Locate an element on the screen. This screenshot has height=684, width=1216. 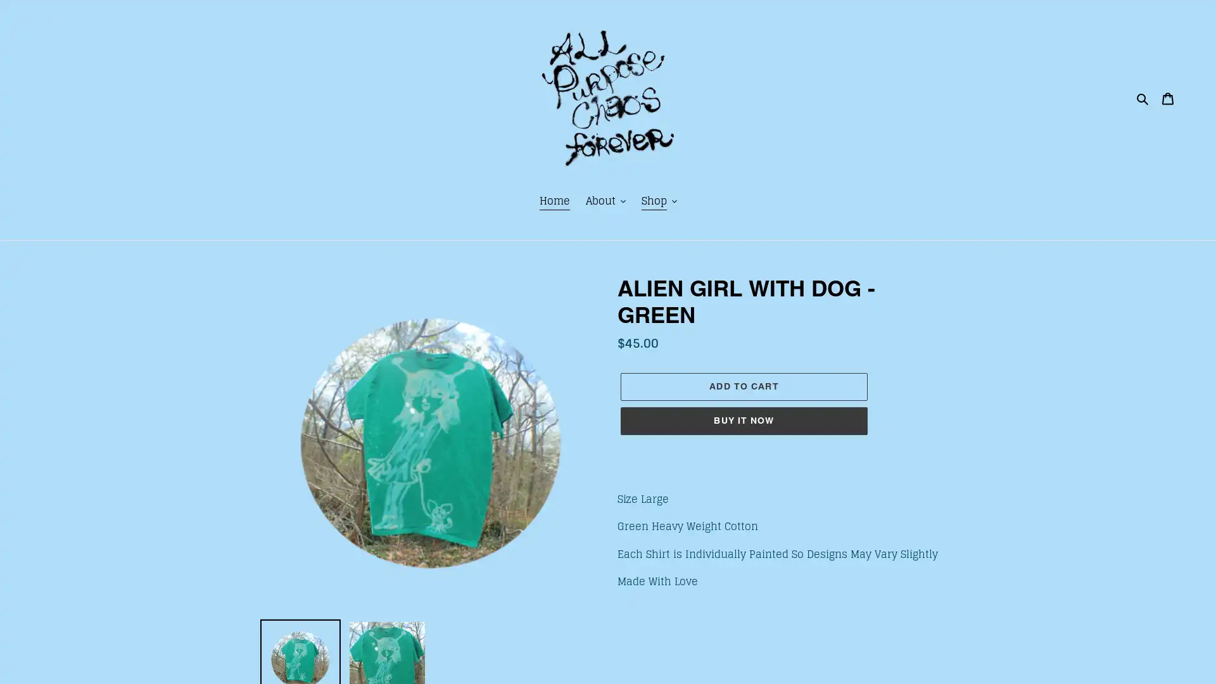
BUY IT NOW is located at coordinates (744, 421).